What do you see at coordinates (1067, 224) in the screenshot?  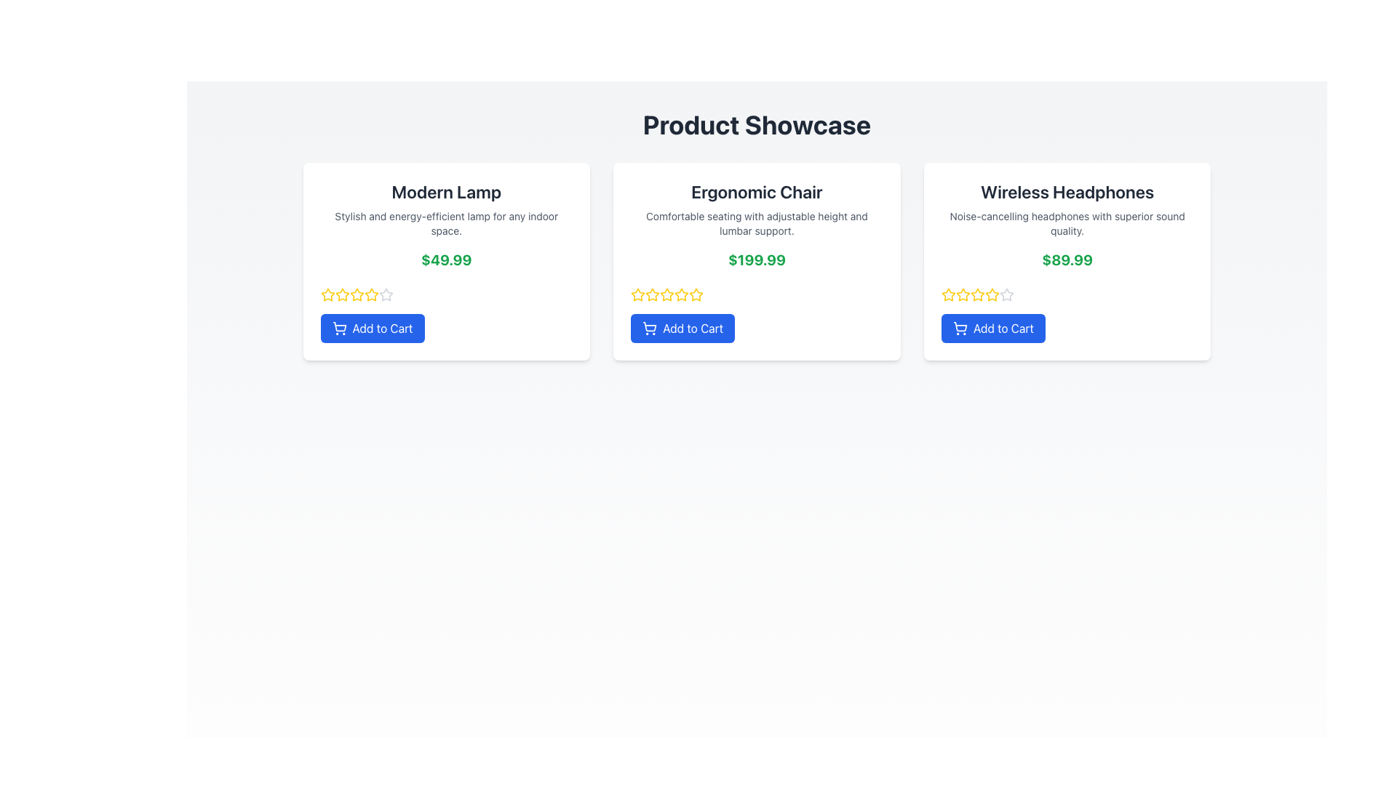 I see `the descriptive text reading 'Noise-cancelling headphones with superior sound quality.' which is located beneath the title 'Wireless Headphones' in the product card` at bounding box center [1067, 224].